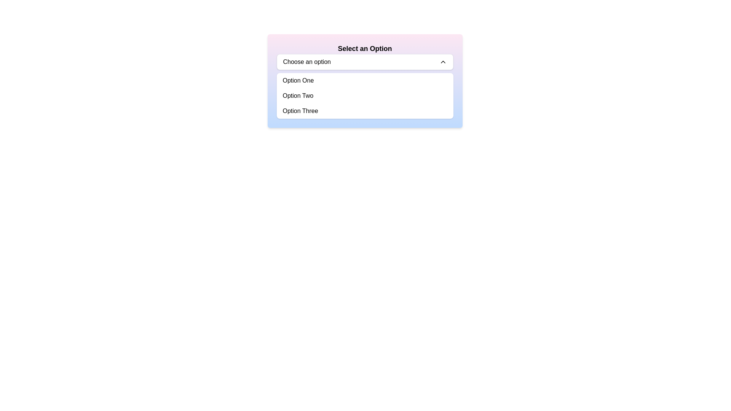 This screenshot has width=731, height=411. What do you see at coordinates (307, 61) in the screenshot?
I see `the 'Choose an option' label which is centrally aligned within the dropdown menu, positioned at the center-left region and preceding a chevron icon` at bounding box center [307, 61].